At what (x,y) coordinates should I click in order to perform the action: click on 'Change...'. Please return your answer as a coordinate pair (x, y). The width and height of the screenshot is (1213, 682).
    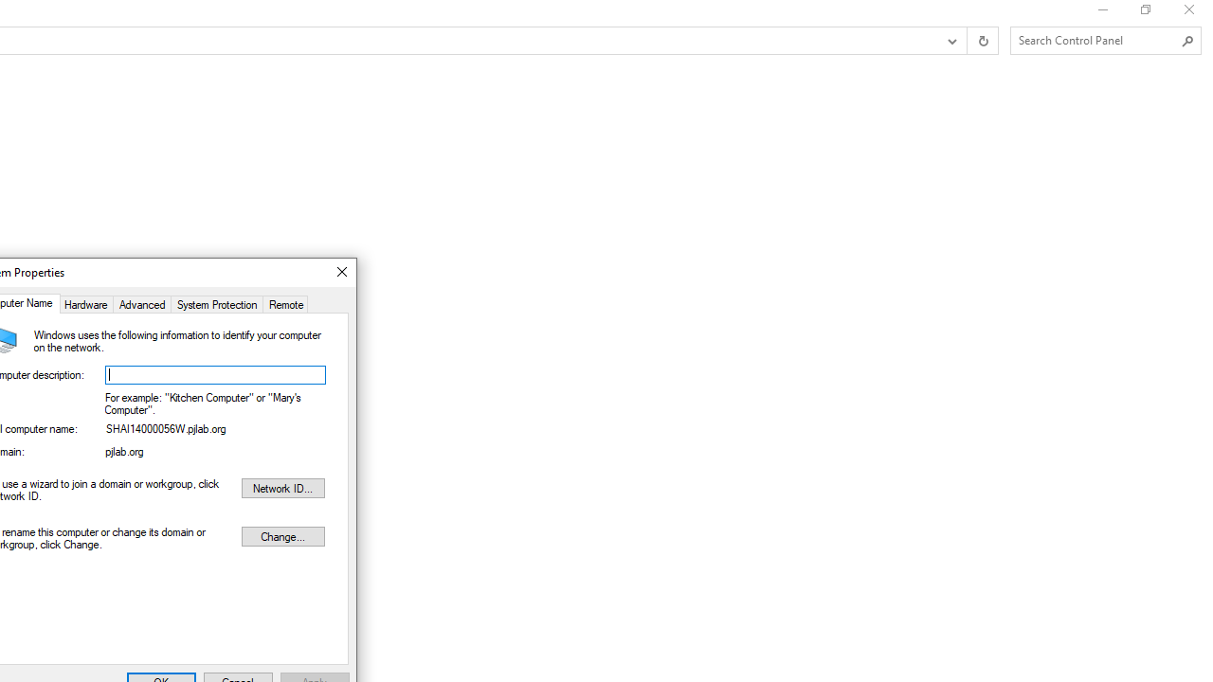
    Looking at the image, I should click on (281, 536).